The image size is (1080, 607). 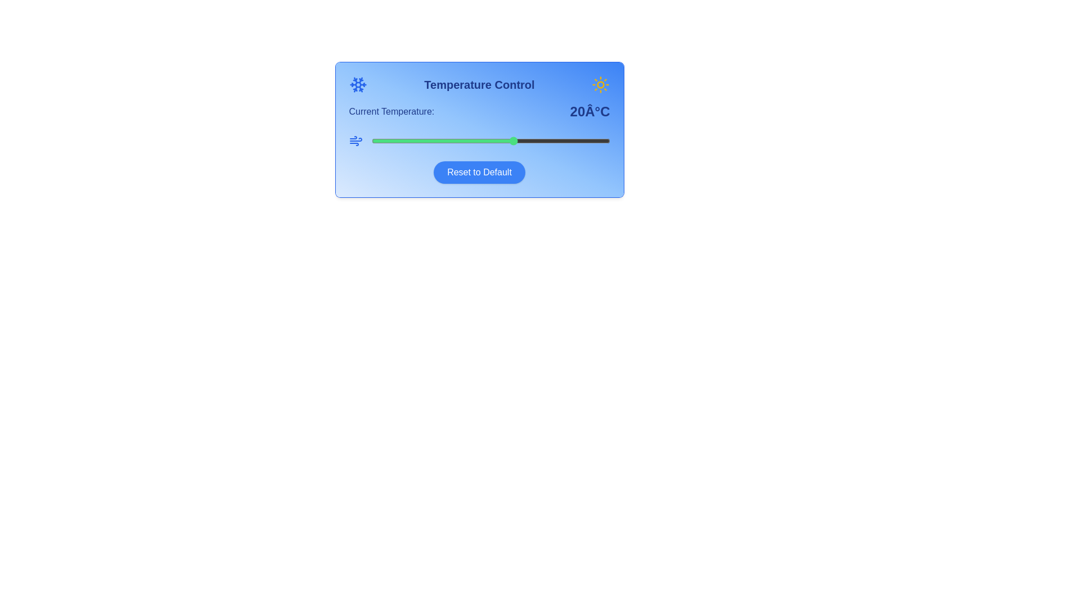 I want to click on the 'Reset to Default' button, which features a blue background and white text, to observe the hover effects, so click(x=479, y=173).